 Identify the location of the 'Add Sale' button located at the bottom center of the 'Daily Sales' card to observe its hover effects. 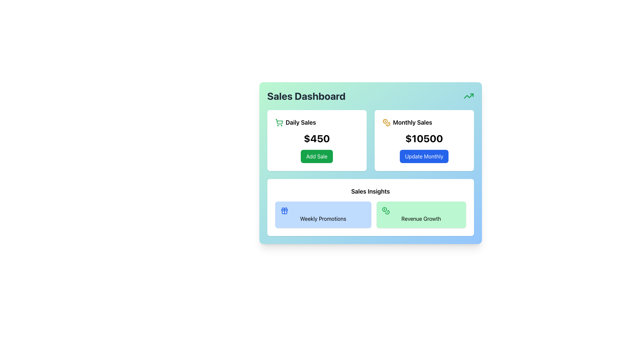
(316, 156).